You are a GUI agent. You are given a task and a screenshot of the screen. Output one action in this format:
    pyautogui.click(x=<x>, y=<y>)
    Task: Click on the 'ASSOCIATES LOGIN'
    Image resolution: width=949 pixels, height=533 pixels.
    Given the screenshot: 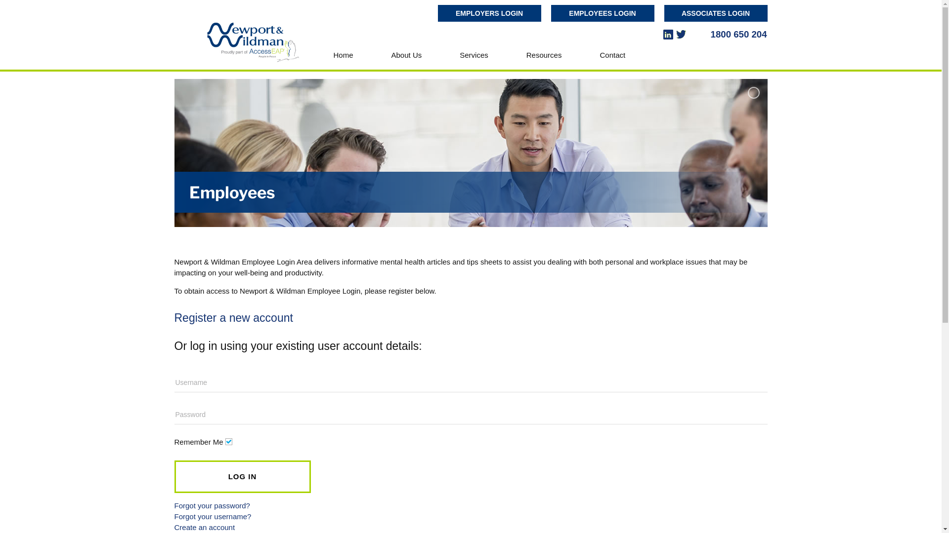 What is the action you would take?
    pyautogui.click(x=716, y=13)
    